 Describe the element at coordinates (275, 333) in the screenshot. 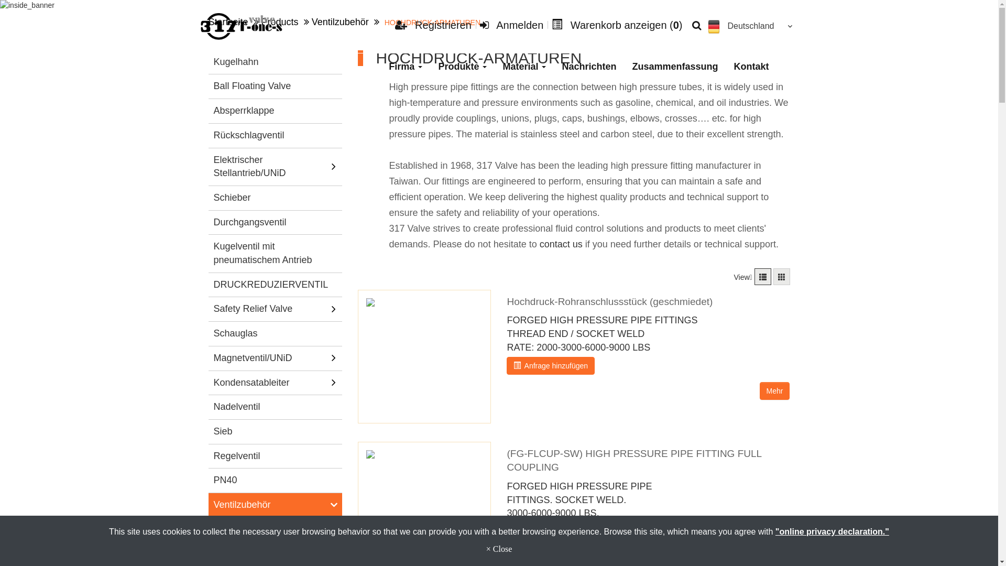

I see `'Schauglas'` at that location.